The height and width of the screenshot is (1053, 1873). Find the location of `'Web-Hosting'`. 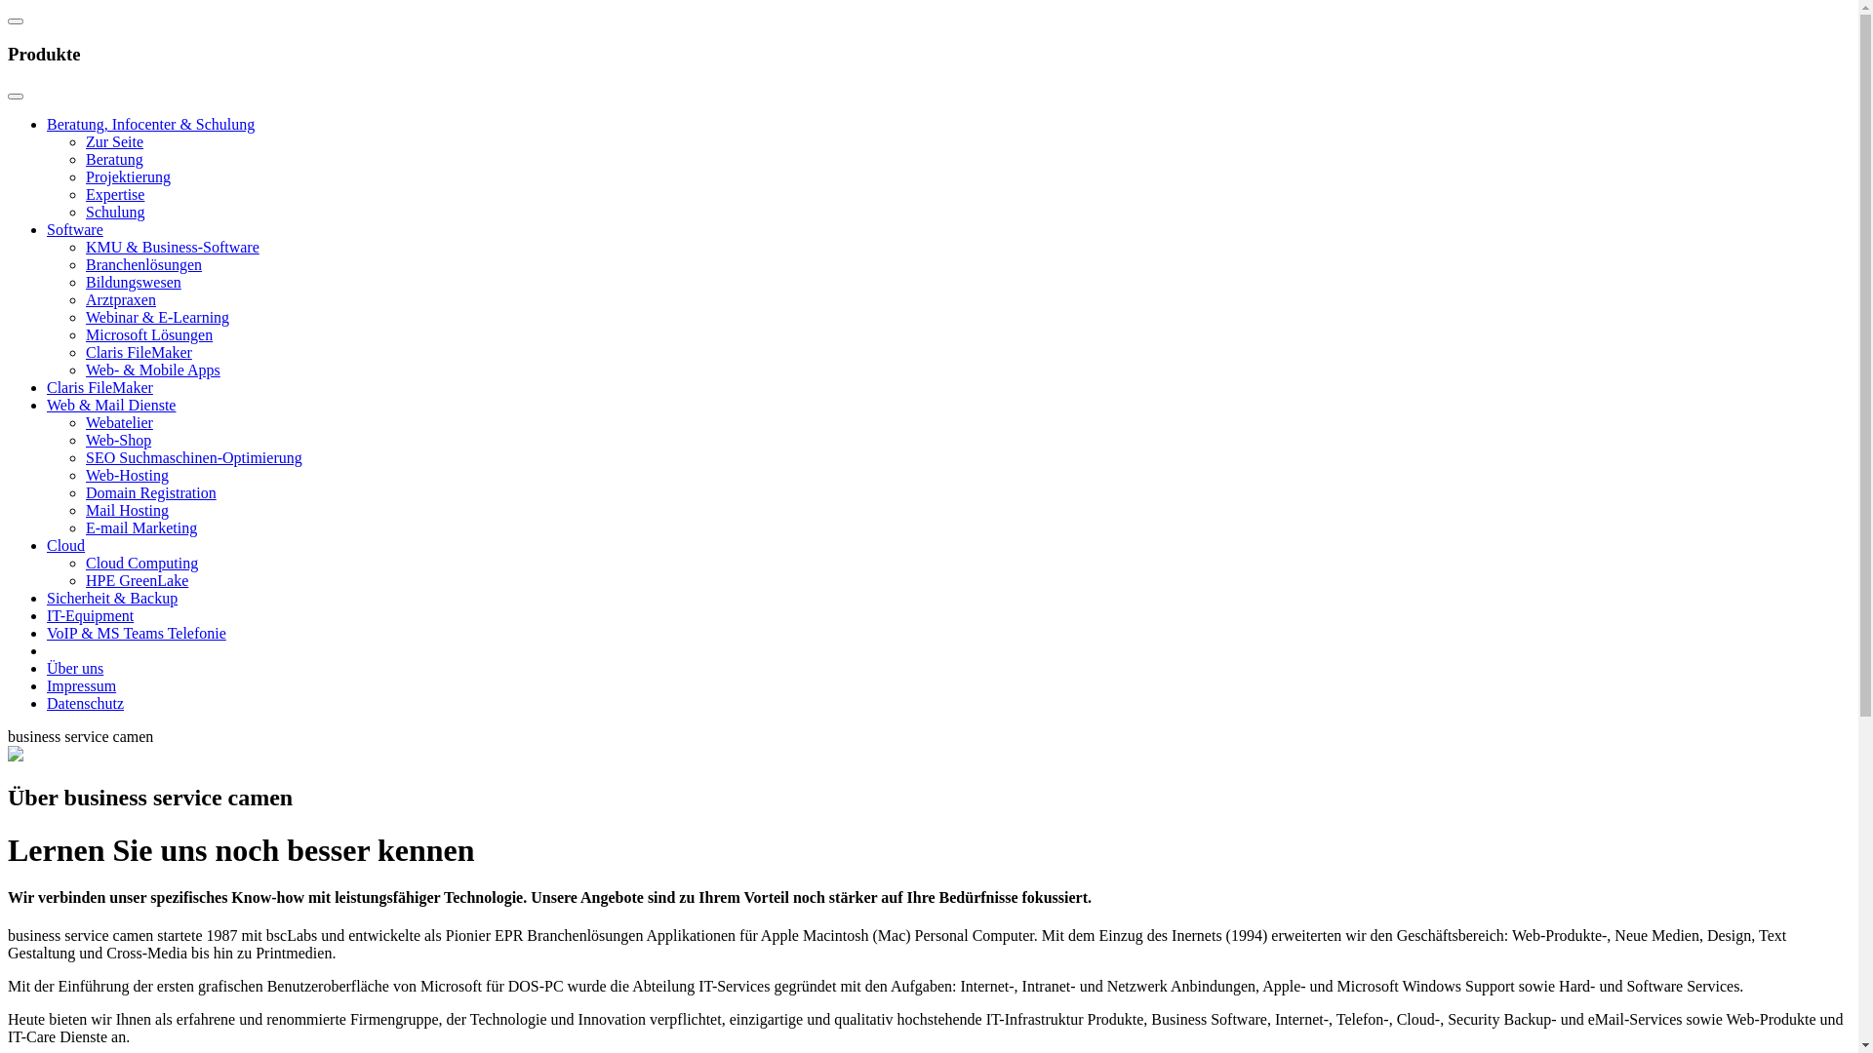

'Web-Hosting' is located at coordinates (84, 475).